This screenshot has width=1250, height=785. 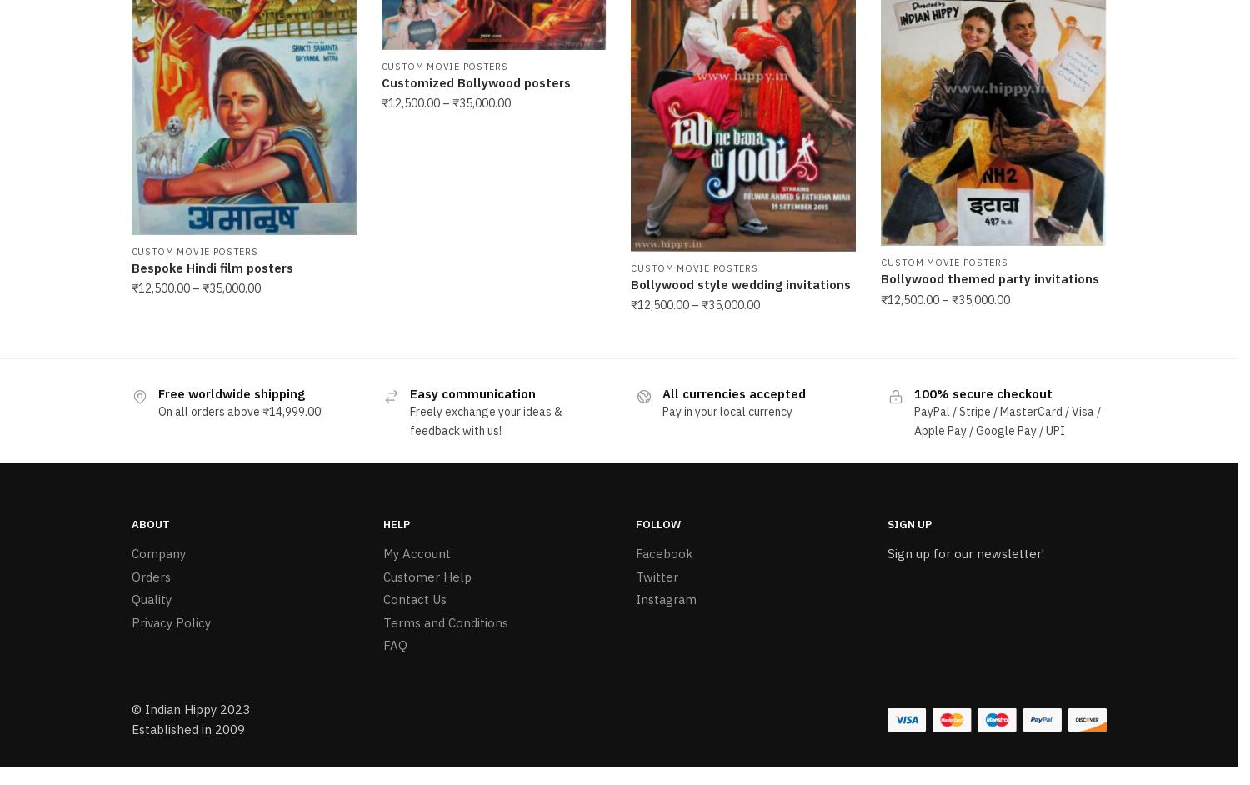 What do you see at coordinates (990, 275) in the screenshot?
I see `'Bollywood themed party invitations'` at bounding box center [990, 275].